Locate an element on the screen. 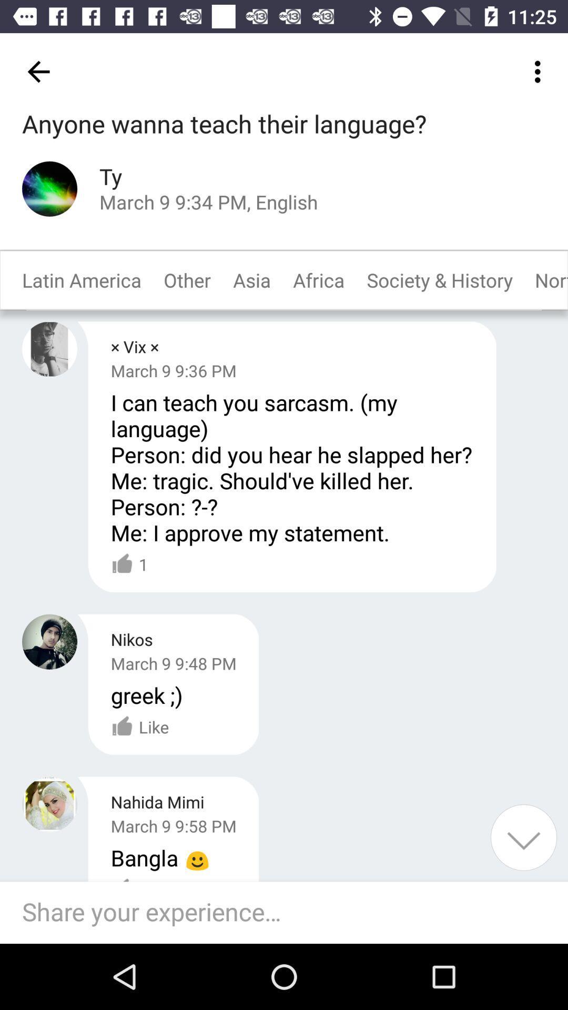 The width and height of the screenshot is (568, 1010). icon above the society & history icon is located at coordinates (540, 71).